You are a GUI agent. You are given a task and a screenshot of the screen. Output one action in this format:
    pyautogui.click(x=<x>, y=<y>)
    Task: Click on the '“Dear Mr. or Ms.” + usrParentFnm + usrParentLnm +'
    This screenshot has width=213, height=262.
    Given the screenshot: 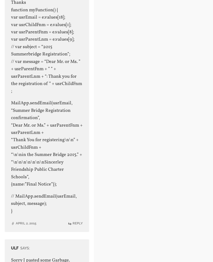 What is the action you would take?
    pyautogui.click(x=46, y=129)
    